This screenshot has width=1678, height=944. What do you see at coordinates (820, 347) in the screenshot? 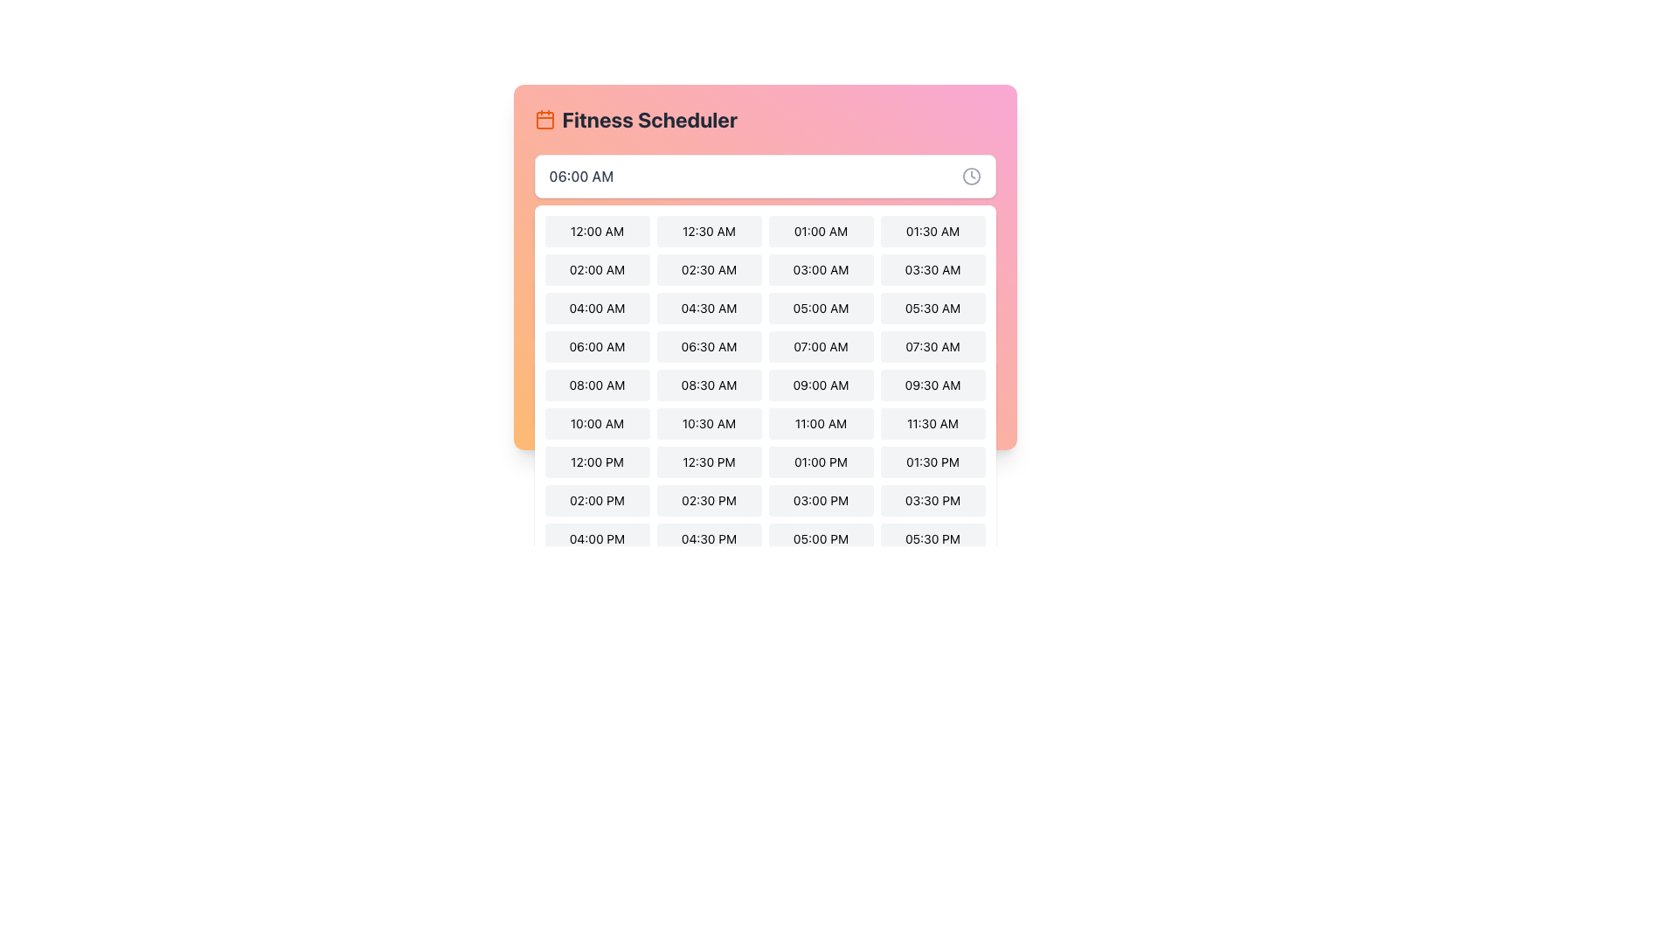
I see `the selectable time option button for '07:00 AM' in the Fitness Scheduler grid` at bounding box center [820, 347].